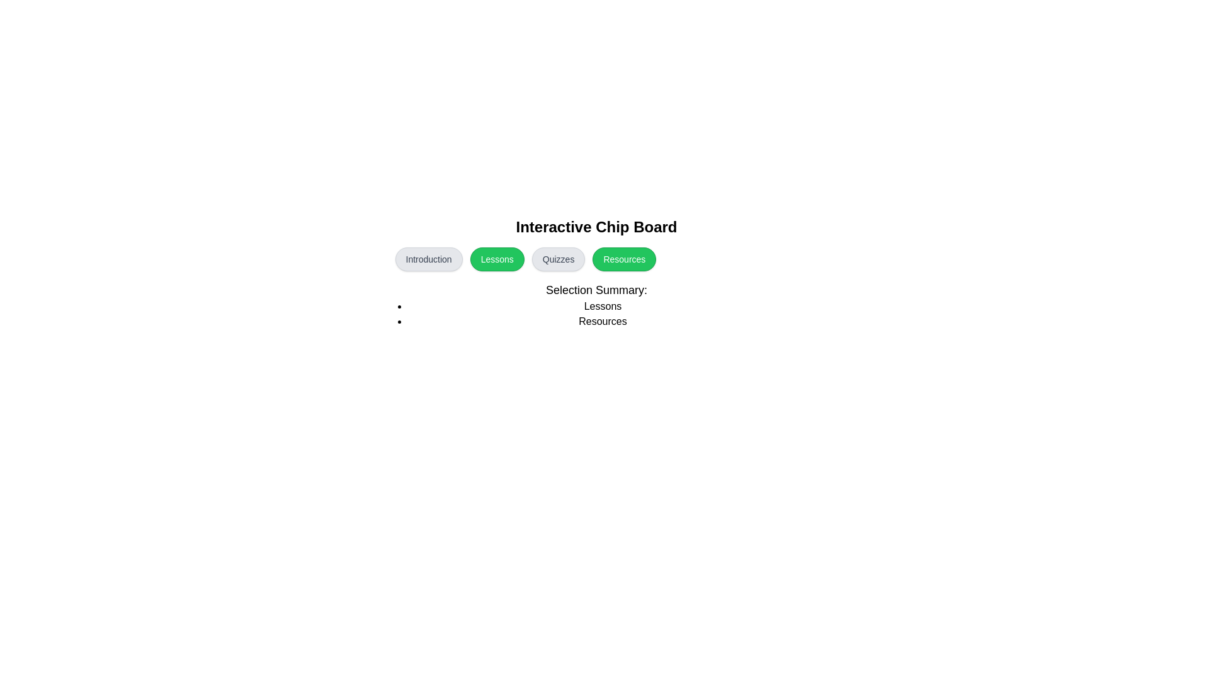  I want to click on the prominent text label element that reads 'Interactive Chip Board', which is styled as a bold, large-sized heading and is positioned above a set of buttons, so click(596, 227).